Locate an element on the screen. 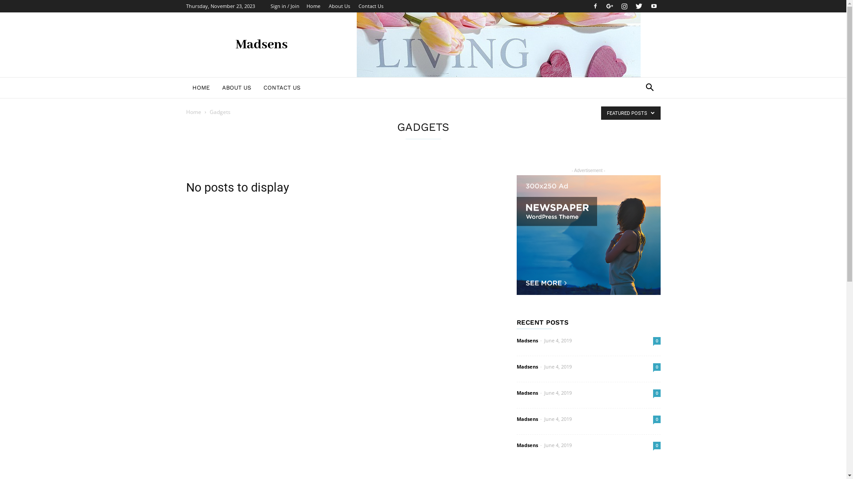 The width and height of the screenshot is (853, 479). 'Contact Us' is located at coordinates (371, 6).